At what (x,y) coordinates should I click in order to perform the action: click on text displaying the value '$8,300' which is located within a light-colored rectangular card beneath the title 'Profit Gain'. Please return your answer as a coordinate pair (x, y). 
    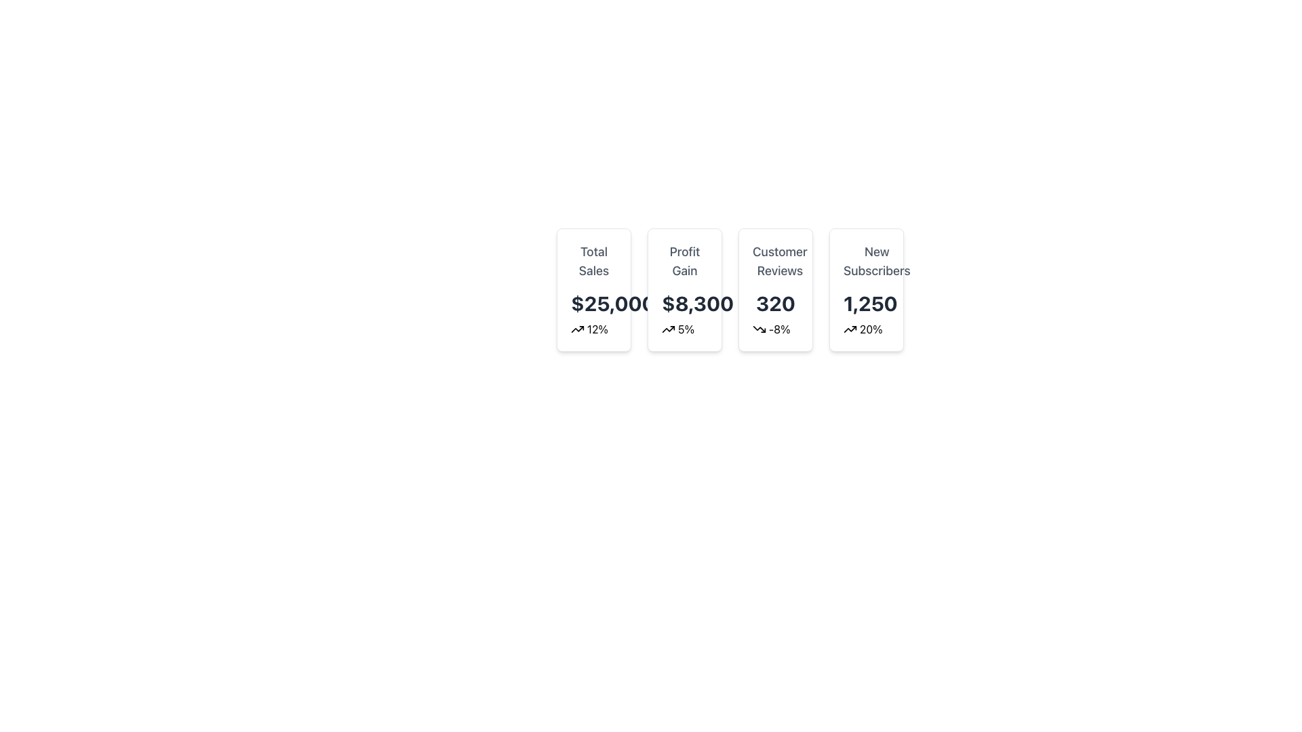
    Looking at the image, I should click on (684, 302).